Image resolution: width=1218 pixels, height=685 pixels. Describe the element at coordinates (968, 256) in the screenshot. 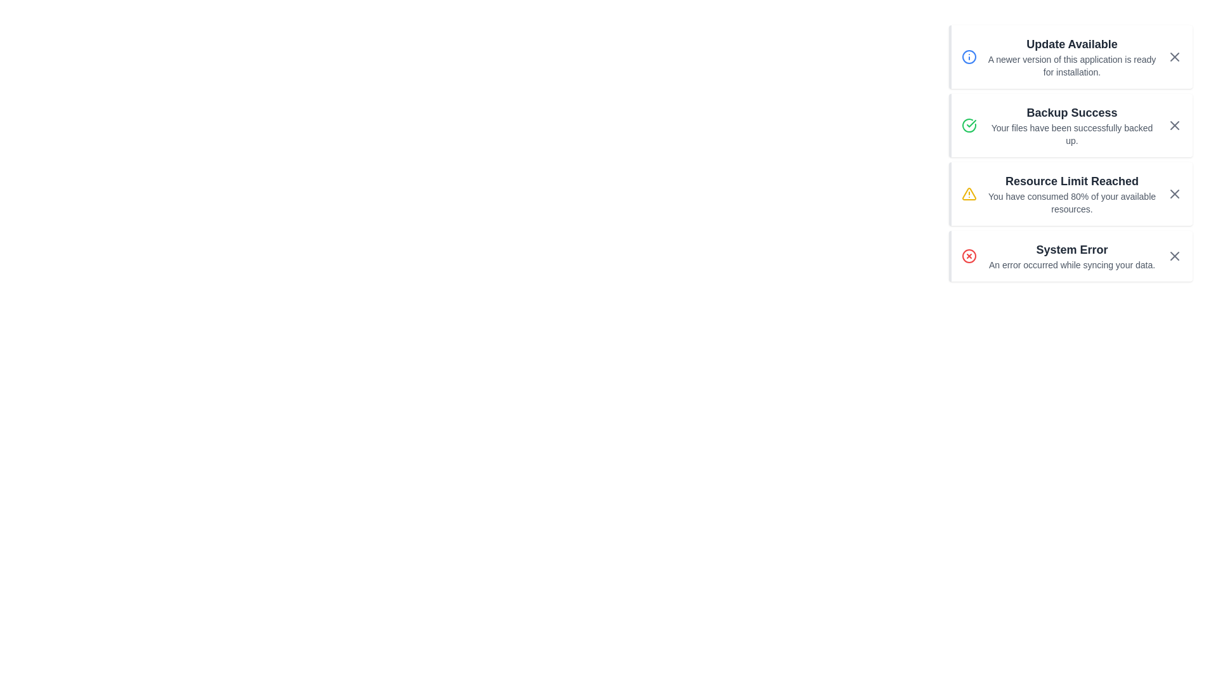

I see `the red circular SVG element that is part of the 'System Error' notification icon located at the far right of the notification list` at that location.